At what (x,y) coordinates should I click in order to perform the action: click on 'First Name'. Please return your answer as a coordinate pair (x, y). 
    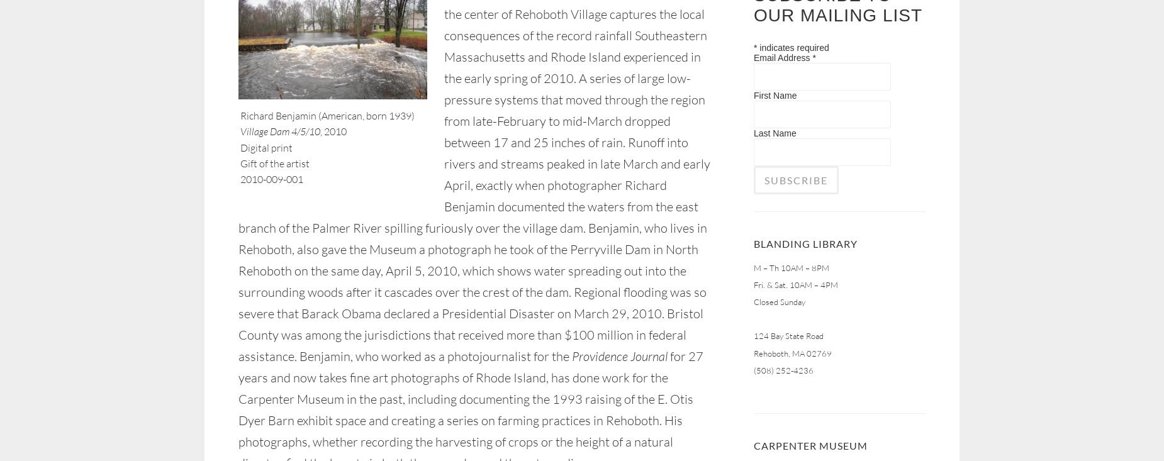
    Looking at the image, I should click on (774, 94).